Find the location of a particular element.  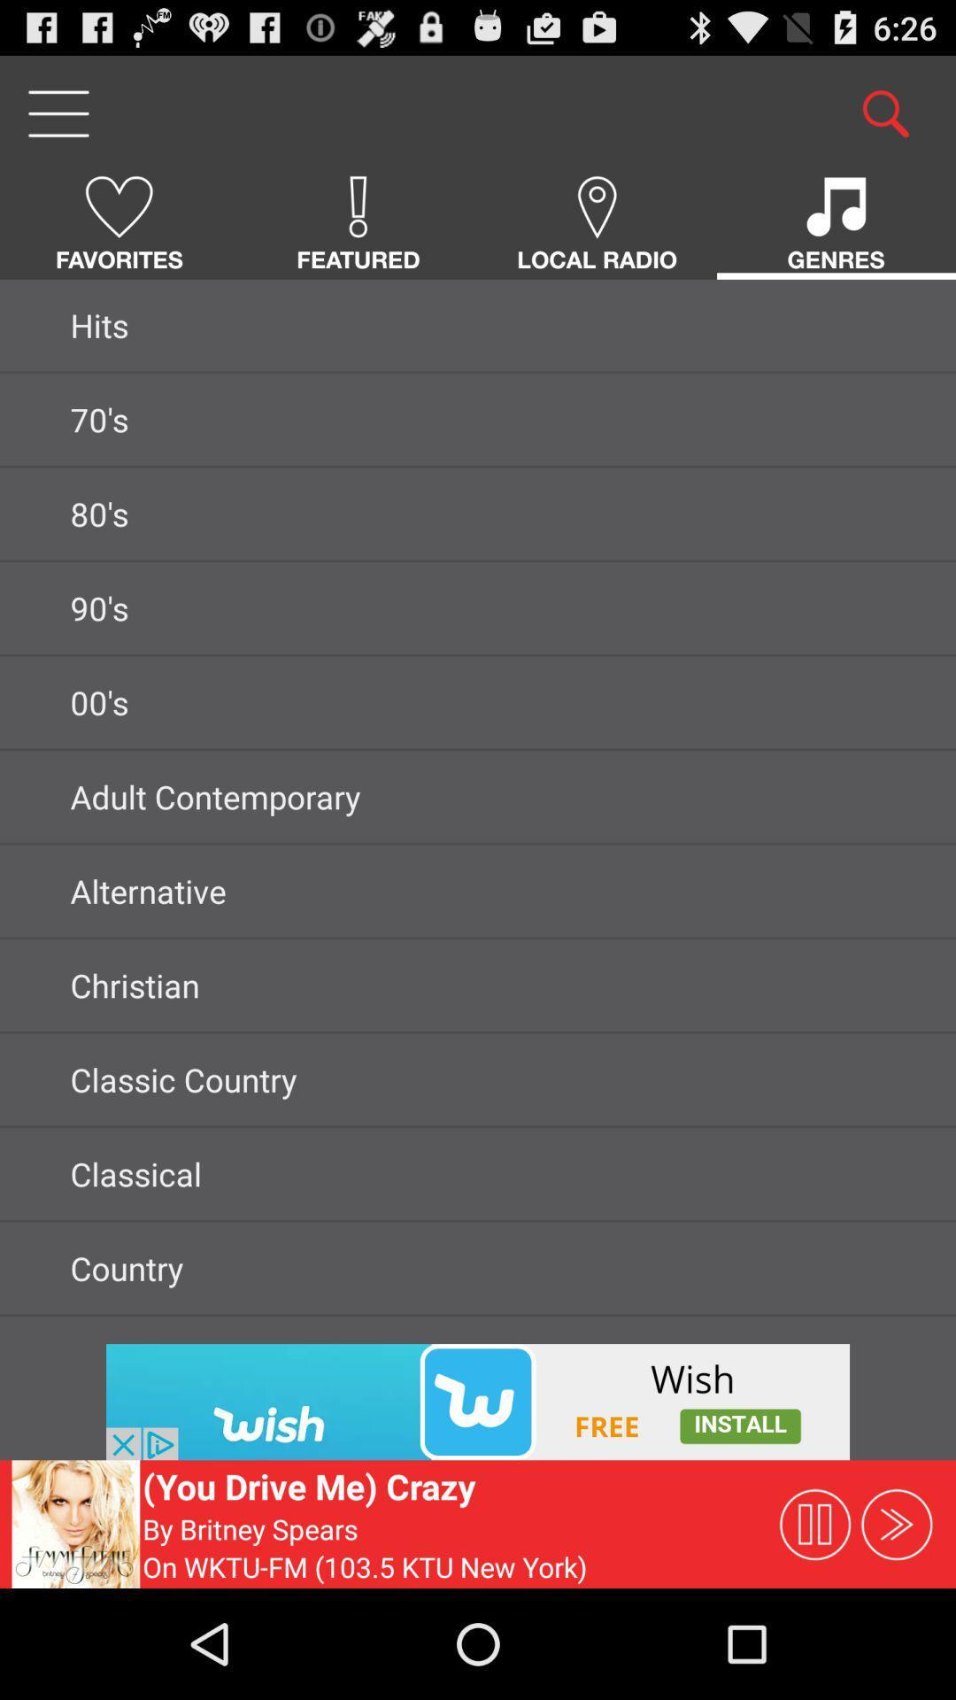

open menu is located at coordinates (57, 112).